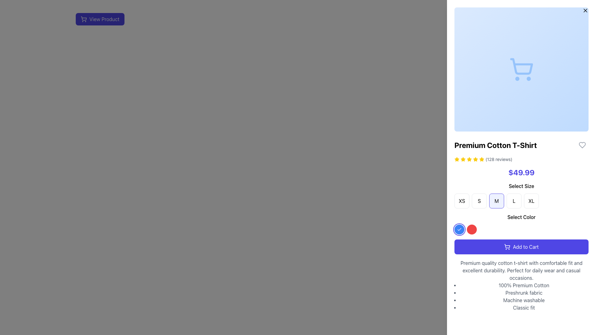 The height and width of the screenshot is (335, 596). What do you see at coordinates (526, 246) in the screenshot?
I see `the 'Add to Cart' button label, which is styled in white text on a blue background with rounded corners` at bounding box center [526, 246].